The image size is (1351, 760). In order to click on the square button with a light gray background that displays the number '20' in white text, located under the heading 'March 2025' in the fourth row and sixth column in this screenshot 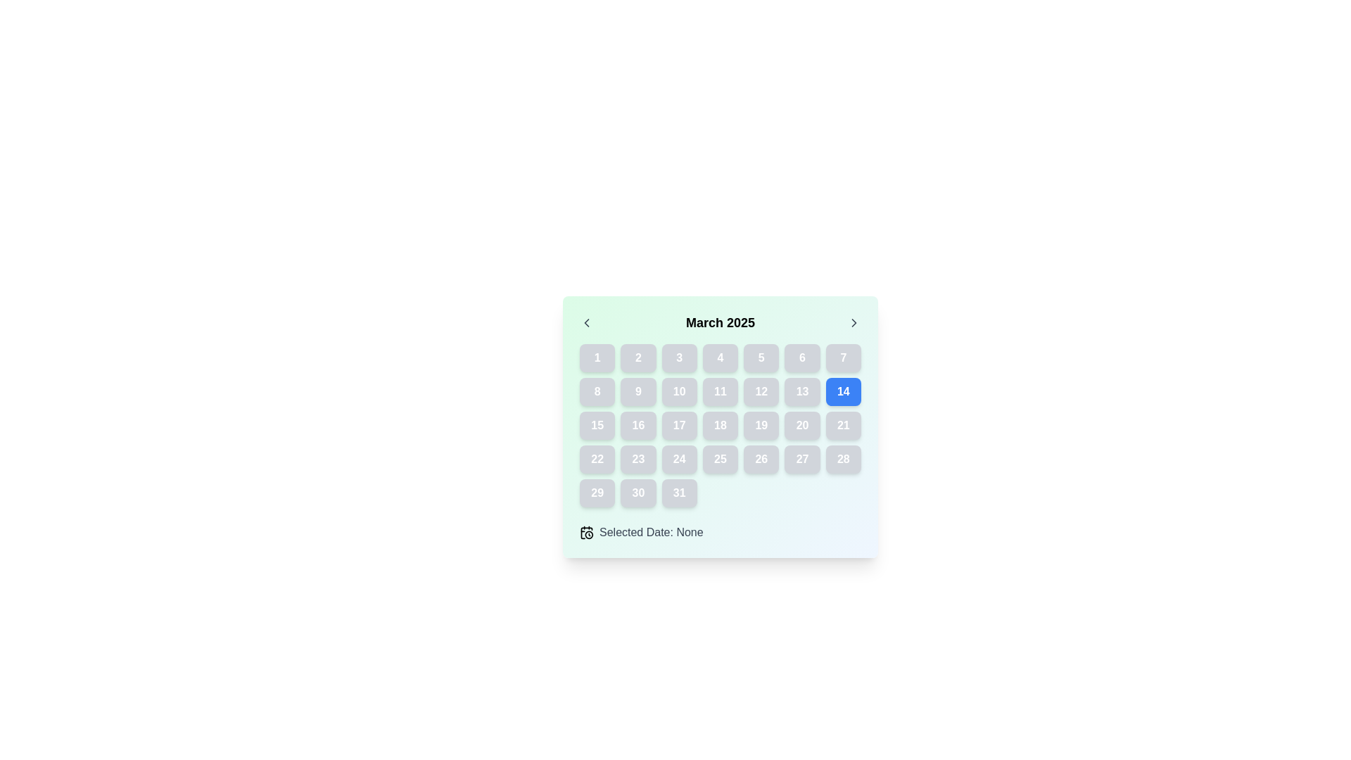, I will do `click(802, 425)`.